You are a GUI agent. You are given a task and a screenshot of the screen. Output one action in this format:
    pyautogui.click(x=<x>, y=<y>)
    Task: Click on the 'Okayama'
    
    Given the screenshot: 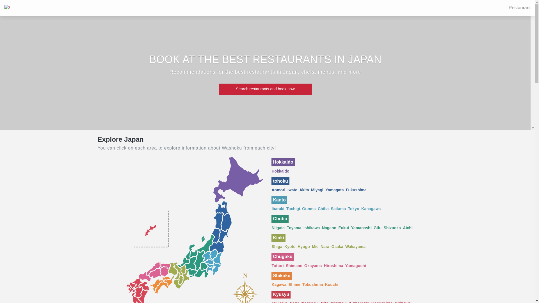 What is the action you would take?
    pyautogui.click(x=312, y=265)
    